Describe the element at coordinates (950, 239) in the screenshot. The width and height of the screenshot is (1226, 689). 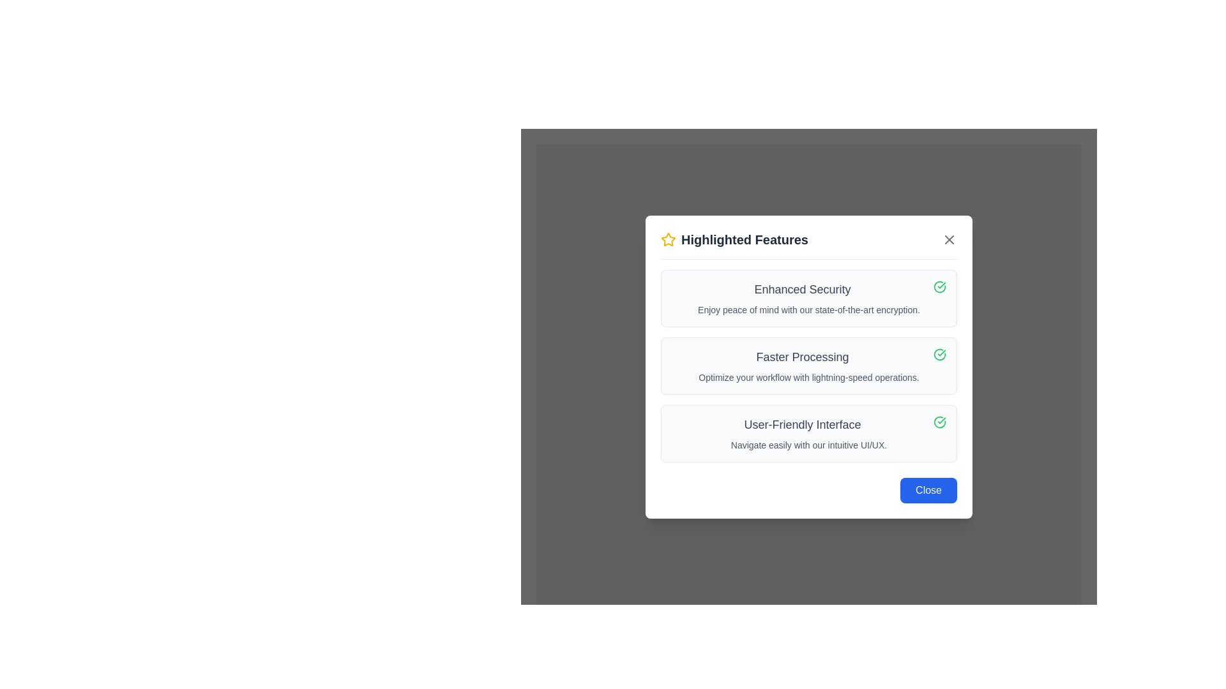
I see `the close button located at the top-right corner of the dialog box header to change its color indication` at that location.